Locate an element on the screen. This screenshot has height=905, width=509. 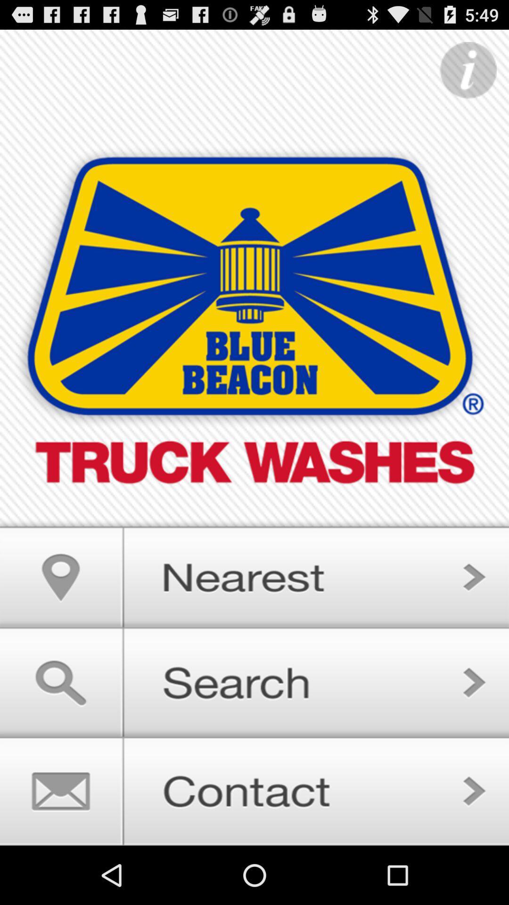
next is located at coordinates (254, 682).